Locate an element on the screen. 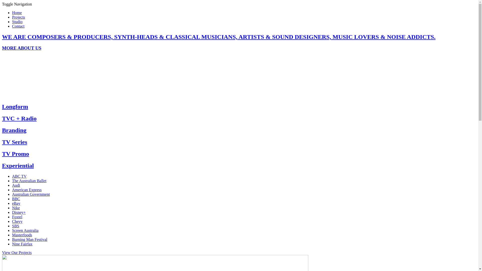 The height and width of the screenshot is (271, 482). 'eBay' is located at coordinates (16, 203).